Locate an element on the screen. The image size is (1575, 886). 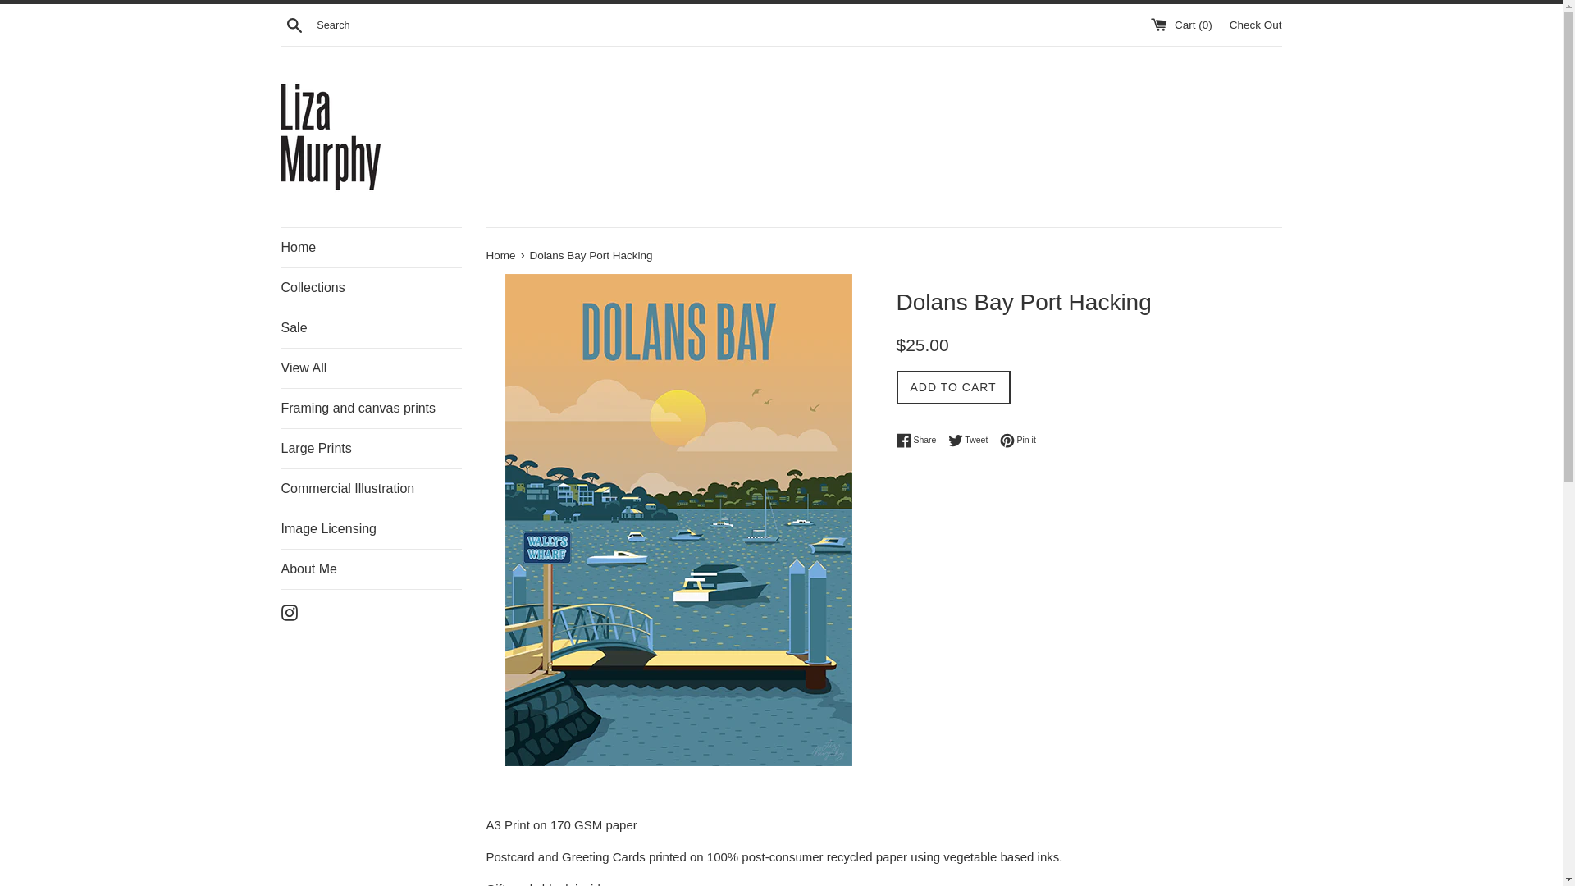
'About Me' is located at coordinates (369, 569).